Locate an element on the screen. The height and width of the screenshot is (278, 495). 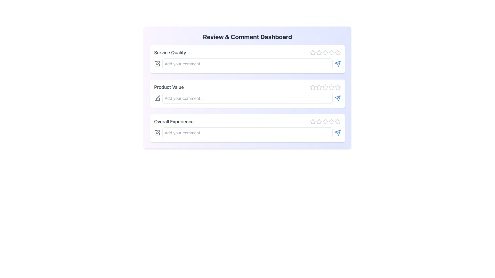
the first Rating star icon, which is light gray and indicates an unselected state is located at coordinates (313, 53).